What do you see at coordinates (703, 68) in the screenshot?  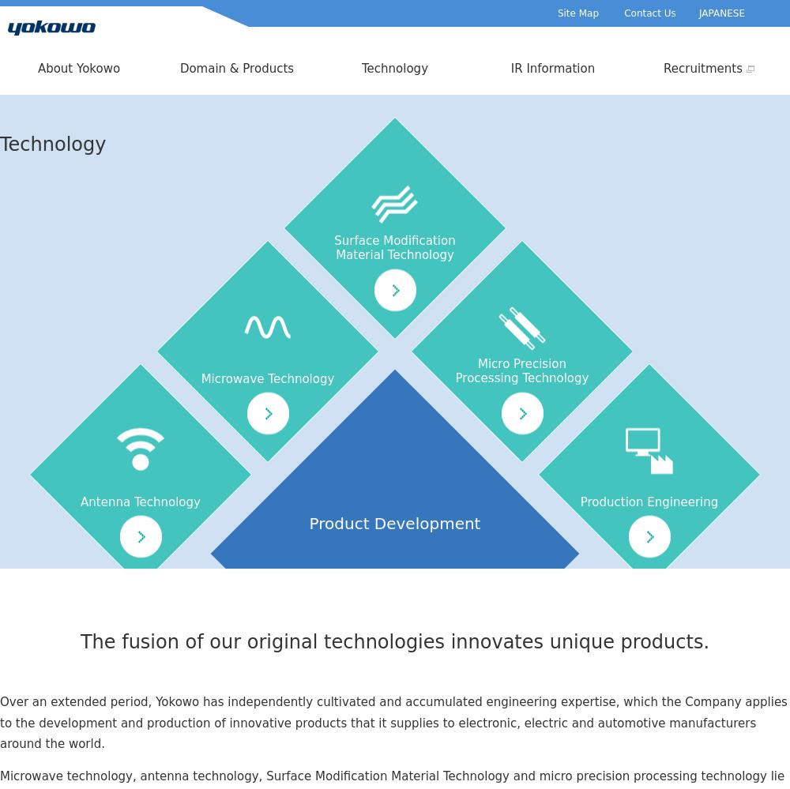 I see `'Recruitments'` at bounding box center [703, 68].